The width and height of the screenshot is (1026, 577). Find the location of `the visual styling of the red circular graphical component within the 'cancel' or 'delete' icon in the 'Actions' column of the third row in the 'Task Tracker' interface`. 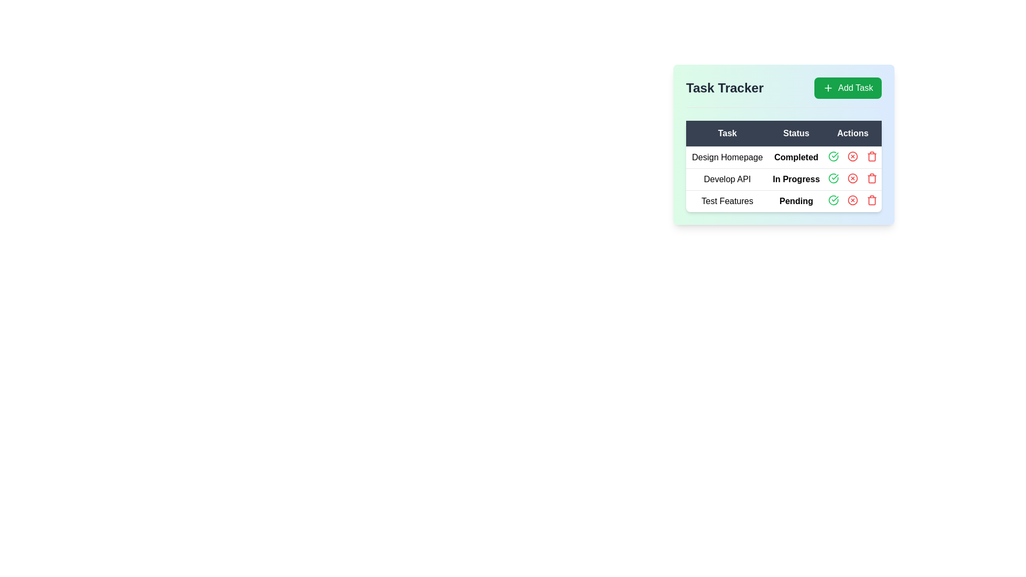

the visual styling of the red circular graphical component within the 'cancel' or 'delete' icon in the 'Actions' column of the third row in the 'Task Tracker' interface is located at coordinates (852, 200).